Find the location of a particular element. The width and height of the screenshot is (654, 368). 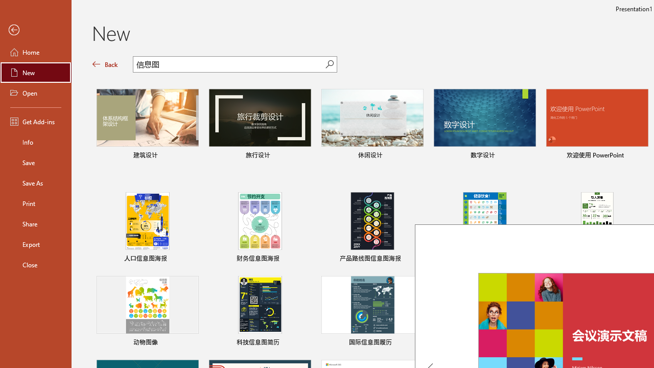

'Info' is located at coordinates (35, 142).